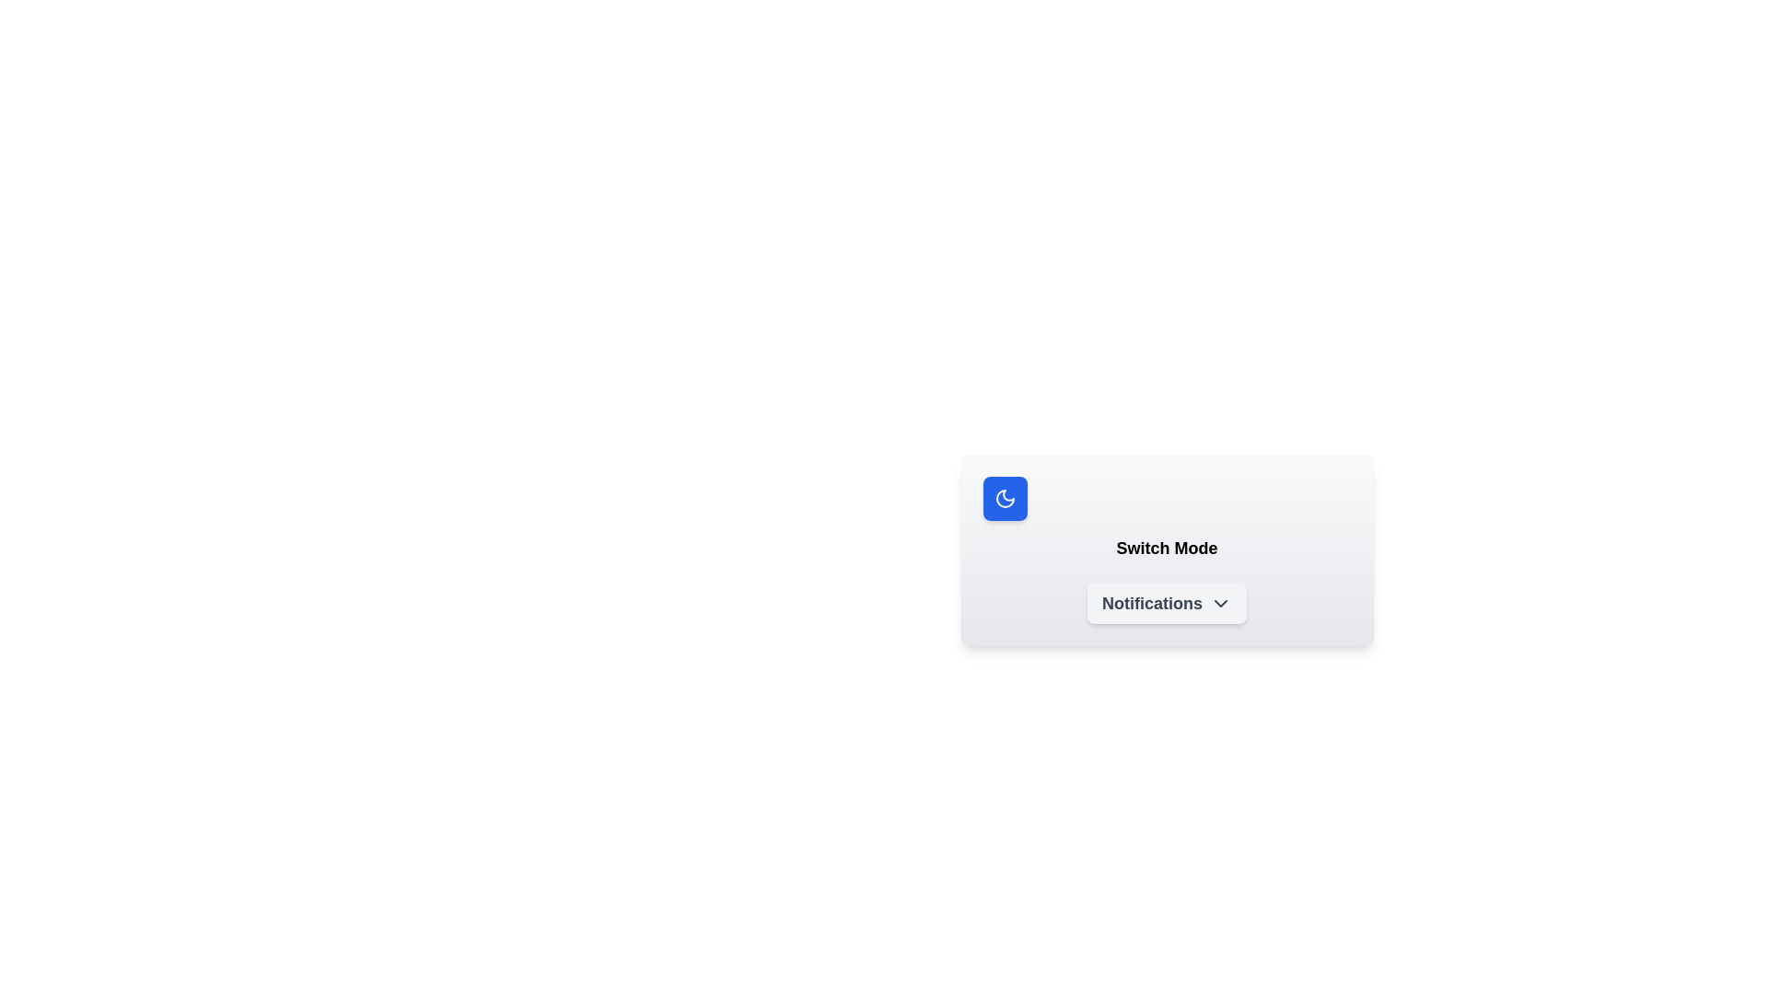 The image size is (1768, 994). I want to click on the crescent moon-shaped icon surrounded by a circular outline, so click(1004, 499).